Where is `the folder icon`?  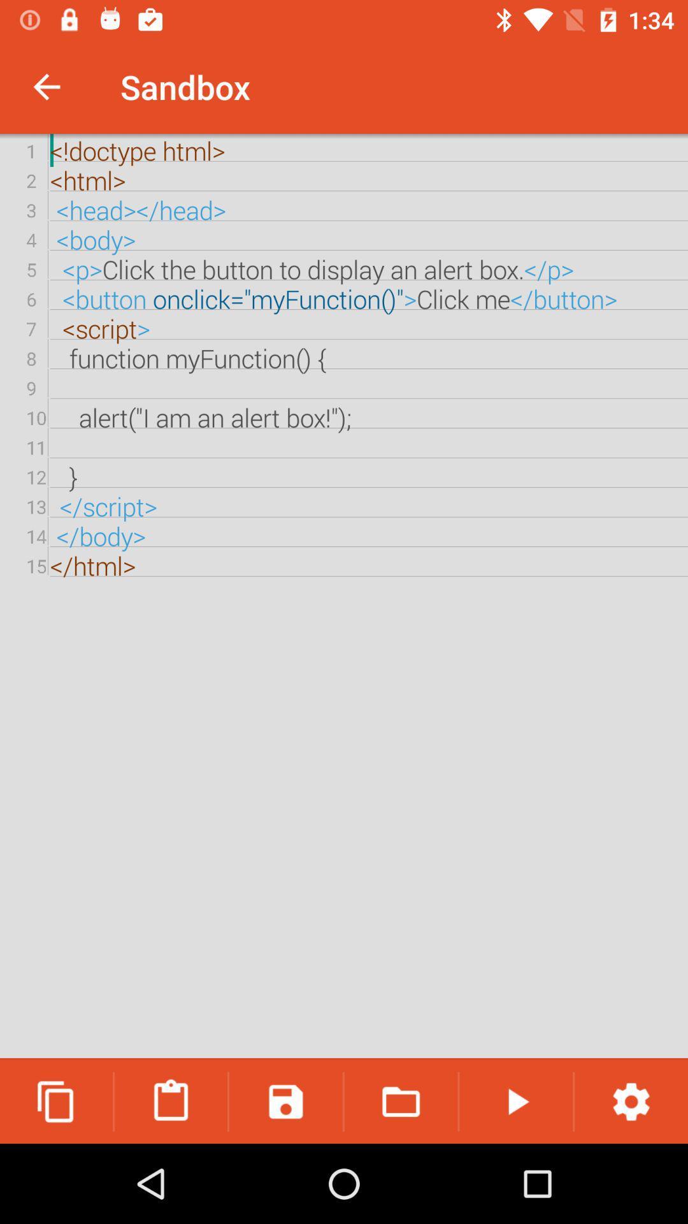 the folder icon is located at coordinates (400, 1101).